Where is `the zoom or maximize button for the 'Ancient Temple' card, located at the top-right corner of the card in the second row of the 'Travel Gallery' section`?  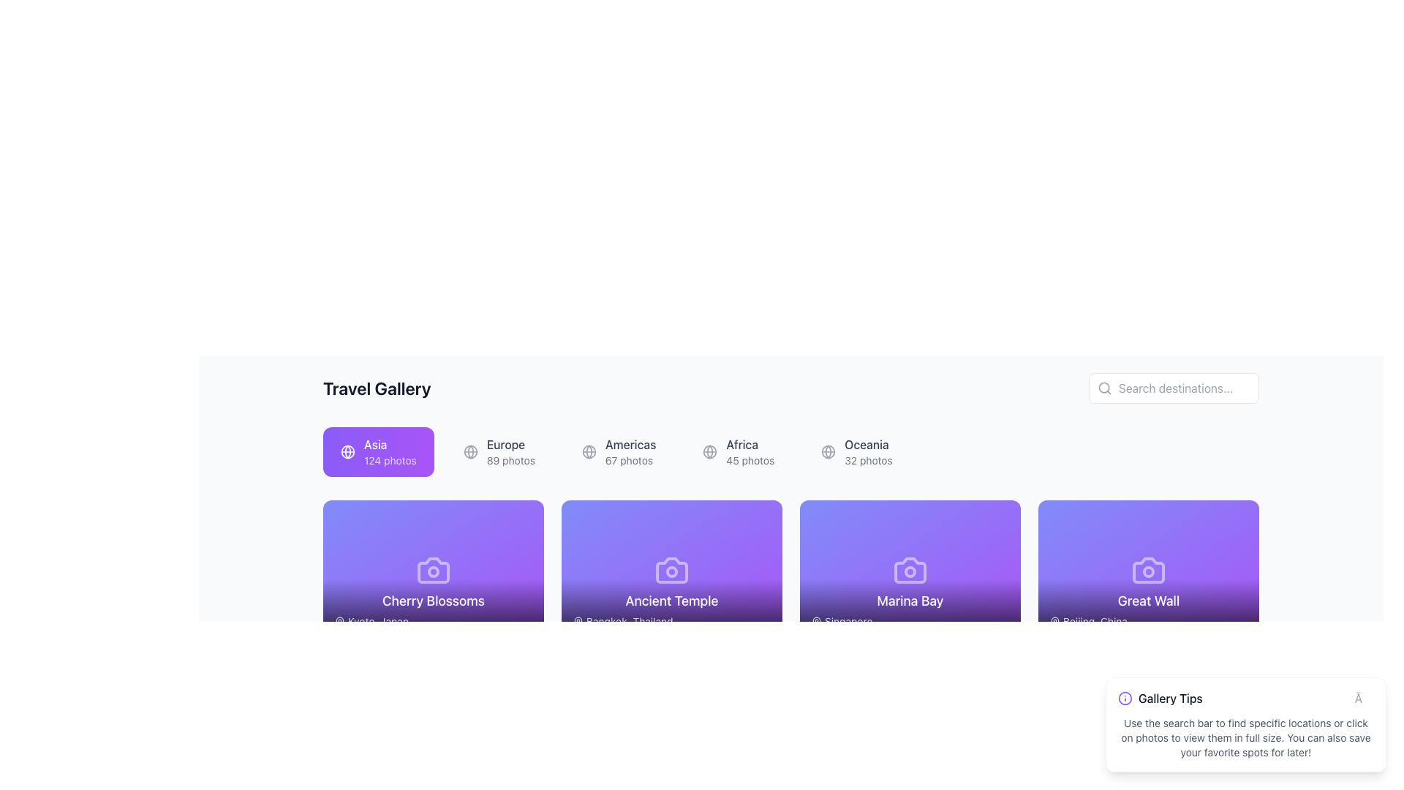
the zoom or maximize button for the 'Ancient Temple' card, located at the top-right corner of the card in the second row of the 'Travel Gallery' section is located at coordinates (758, 524).